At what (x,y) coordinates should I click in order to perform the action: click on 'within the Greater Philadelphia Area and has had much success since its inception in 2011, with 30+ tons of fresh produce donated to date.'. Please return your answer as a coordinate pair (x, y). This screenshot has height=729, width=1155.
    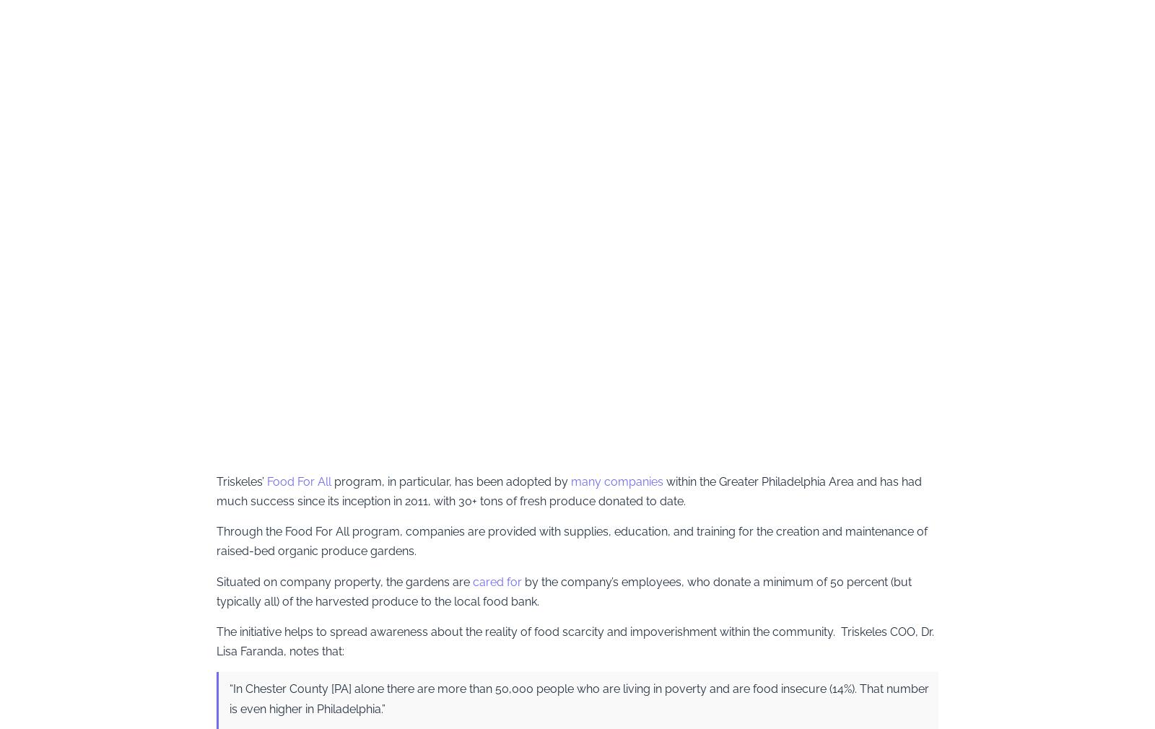
    Looking at the image, I should click on (569, 490).